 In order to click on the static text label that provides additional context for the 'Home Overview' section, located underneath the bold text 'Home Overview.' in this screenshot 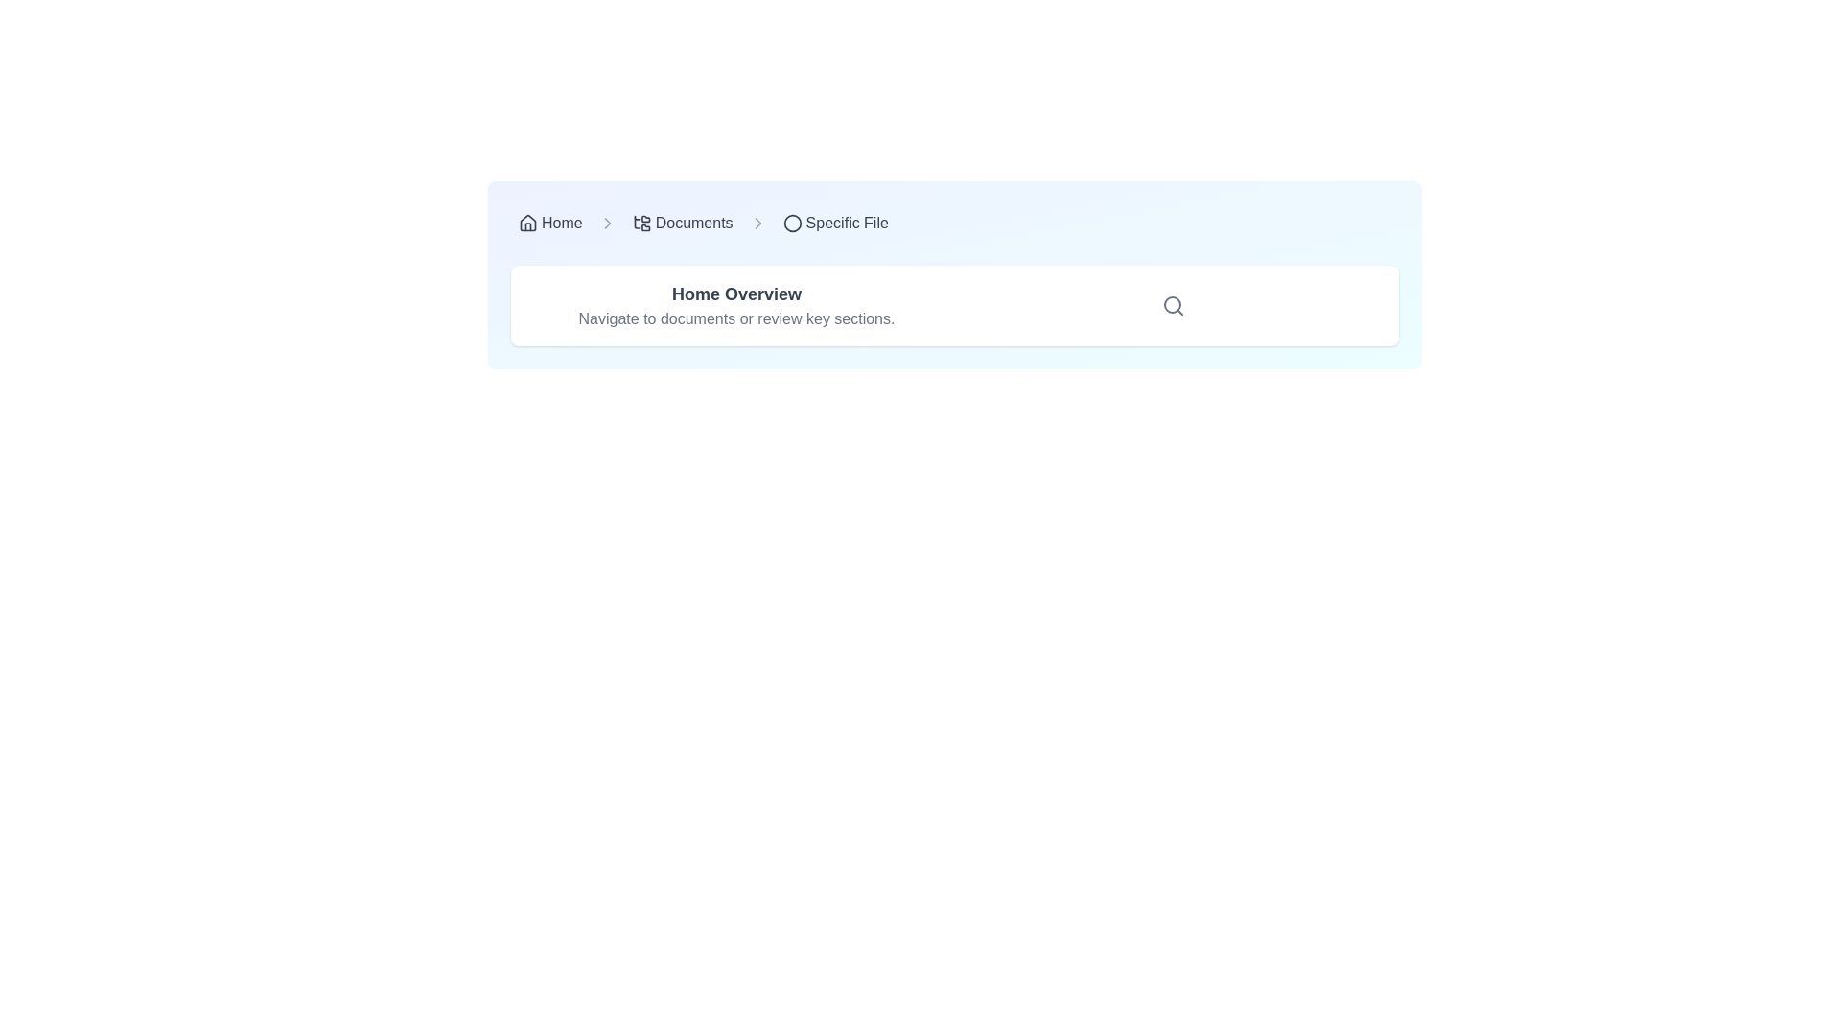, I will do `click(735, 318)`.